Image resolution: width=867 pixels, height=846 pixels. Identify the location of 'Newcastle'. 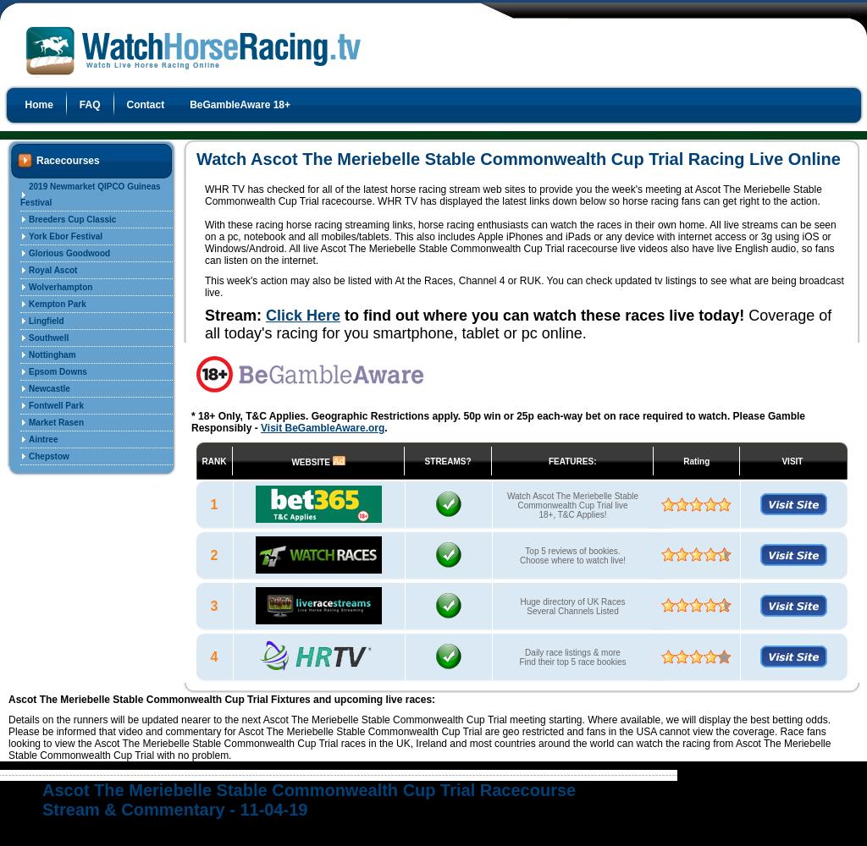
(47, 387).